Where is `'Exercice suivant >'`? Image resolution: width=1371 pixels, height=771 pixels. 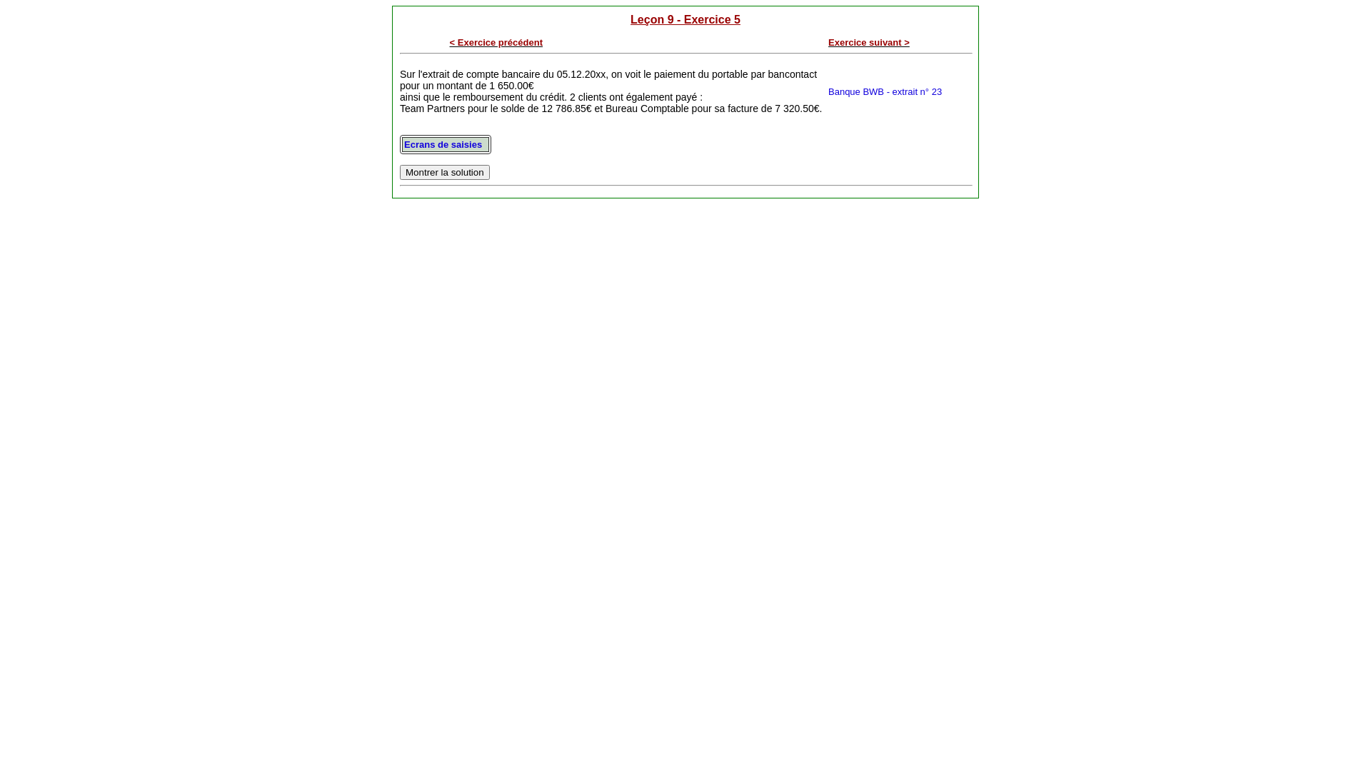 'Exercice suivant >' is located at coordinates (868, 41).